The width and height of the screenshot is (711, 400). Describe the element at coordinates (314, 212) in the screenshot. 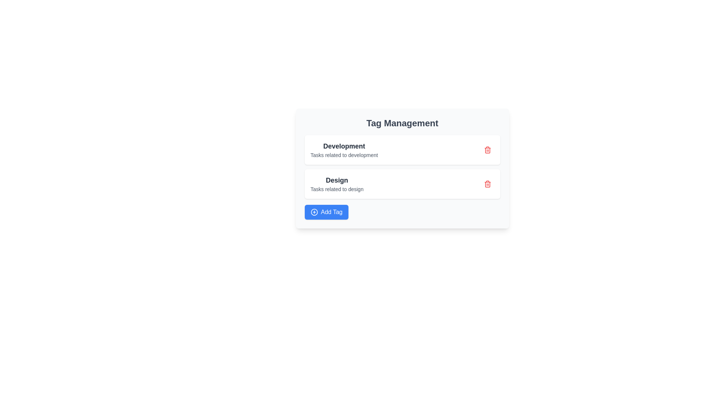

I see `the SVG Circle that is part of the icon indicating the action related to adding a tag, located to the left of the 'Add Tag' button in the Tag Management interface` at that location.